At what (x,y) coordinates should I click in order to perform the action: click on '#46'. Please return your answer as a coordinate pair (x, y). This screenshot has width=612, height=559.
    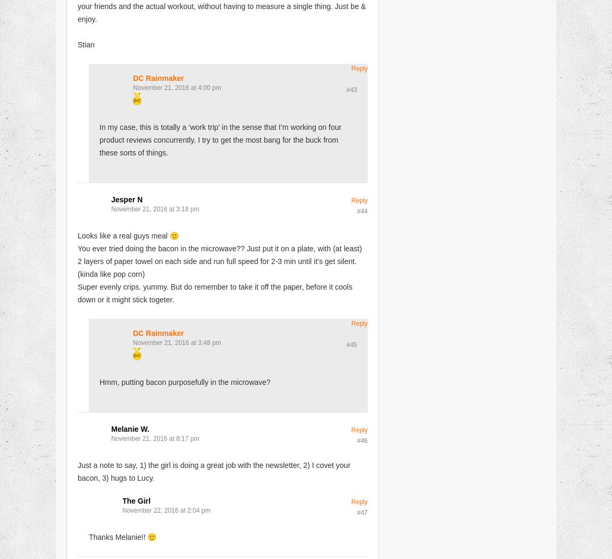
    Looking at the image, I should click on (361, 440).